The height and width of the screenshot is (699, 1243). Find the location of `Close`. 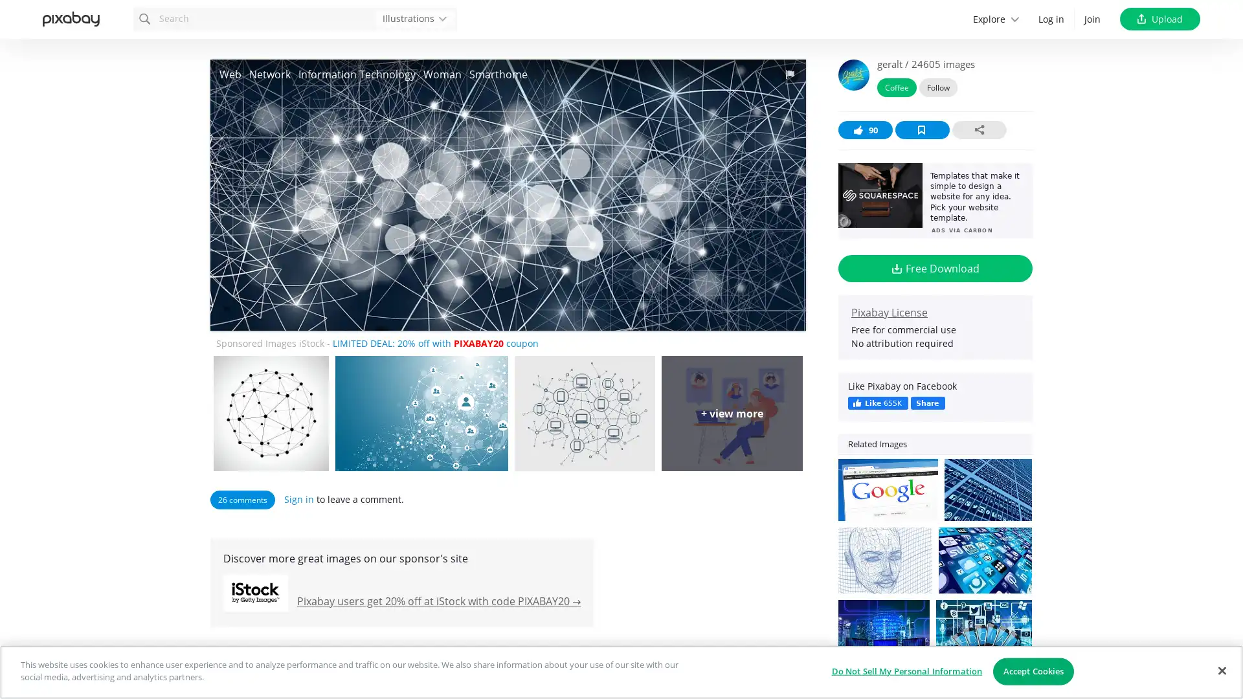

Close is located at coordinates (1221, 670).